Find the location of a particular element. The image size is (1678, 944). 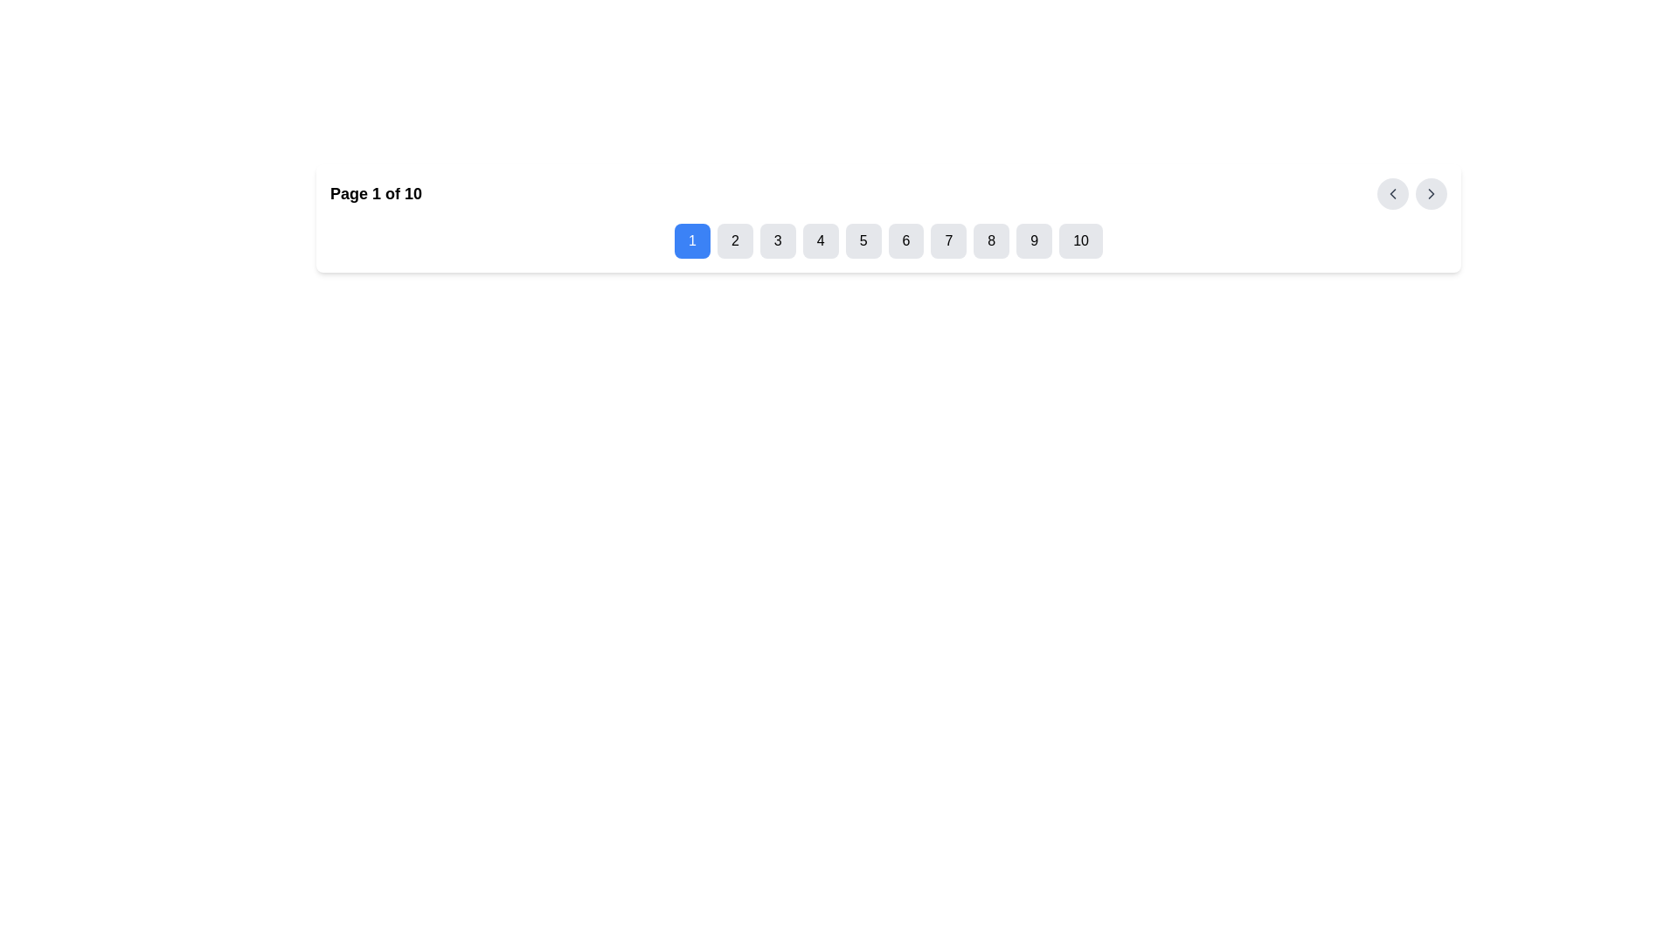

the right-pointing chevron arrow icon located in the top right corner of the navigation interface is located at coordinates (1431, 194).